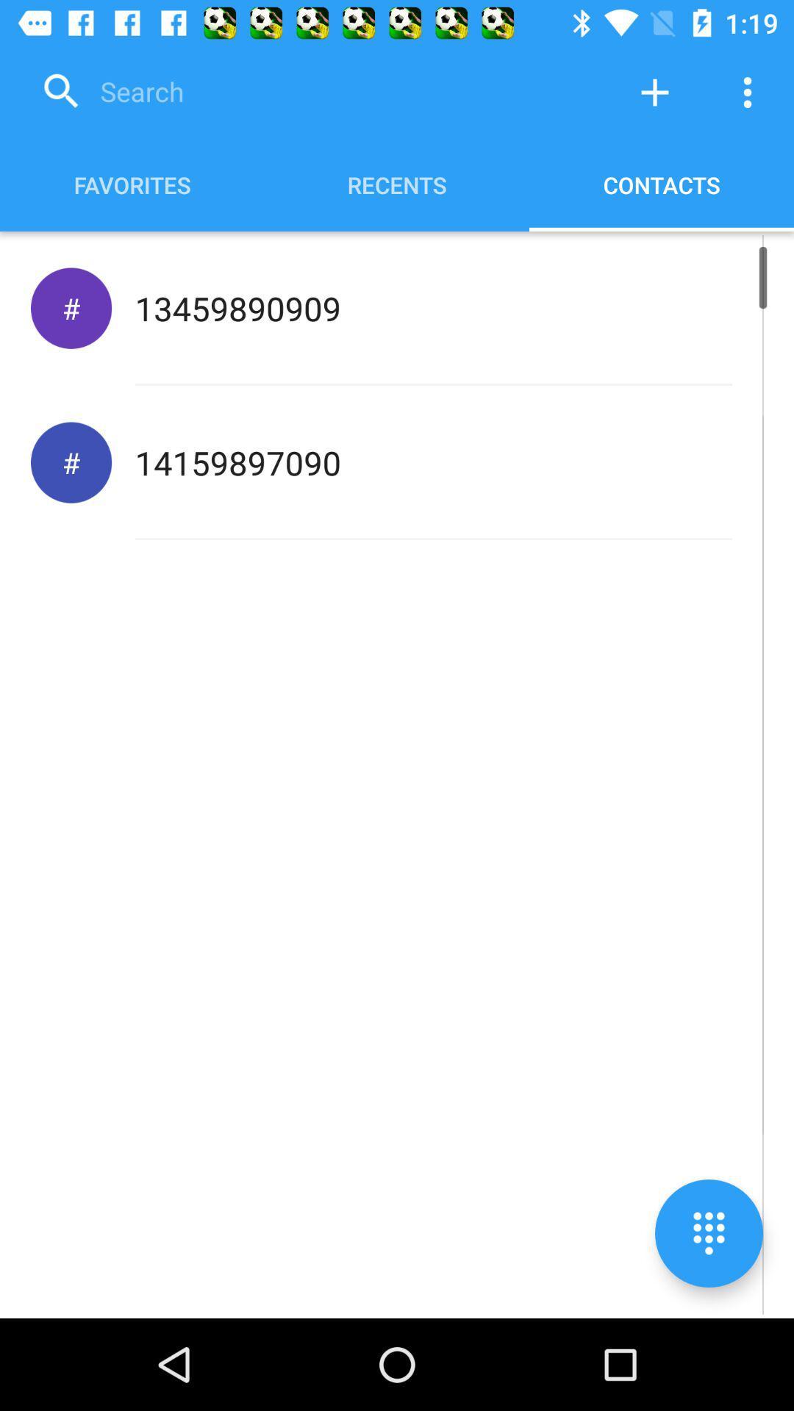 The height and width of the screenshot is (1411, 794). Describe the element at coordinates (654, 91) in the screenshot. I see `phone number` at that location.